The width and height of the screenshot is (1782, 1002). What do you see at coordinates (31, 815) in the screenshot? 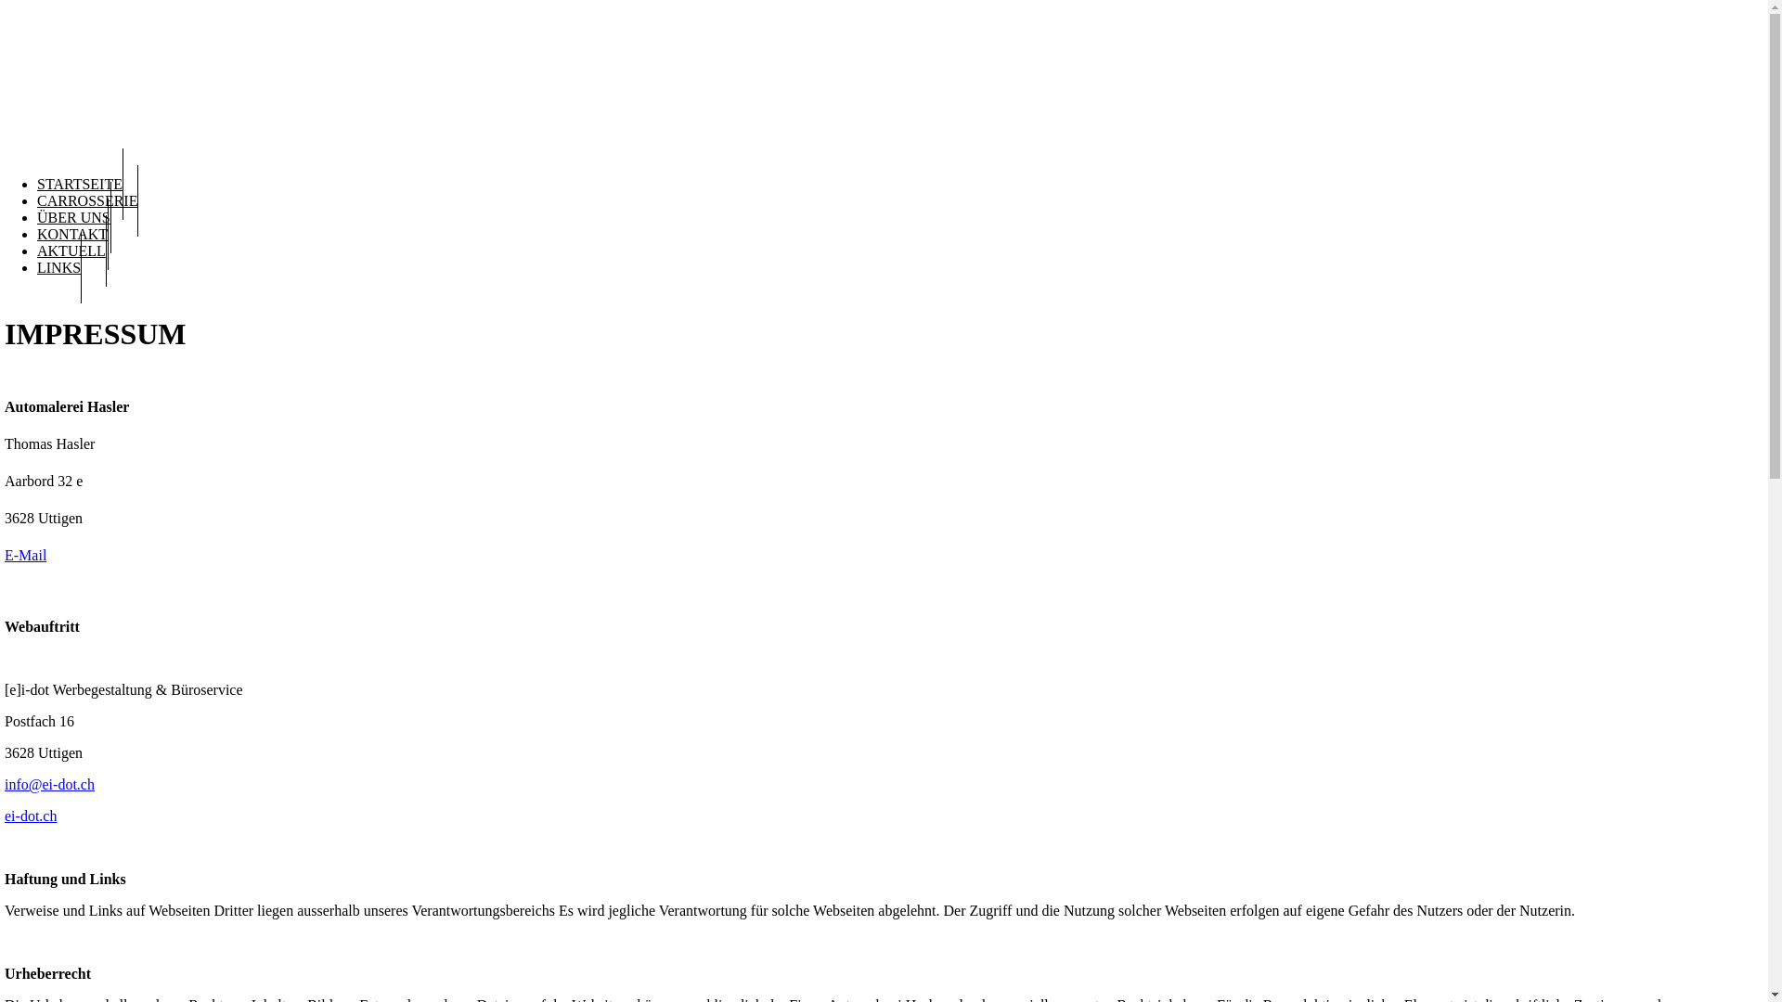
I see `'ei-dot.ch'` at bounding box center [31, 815].